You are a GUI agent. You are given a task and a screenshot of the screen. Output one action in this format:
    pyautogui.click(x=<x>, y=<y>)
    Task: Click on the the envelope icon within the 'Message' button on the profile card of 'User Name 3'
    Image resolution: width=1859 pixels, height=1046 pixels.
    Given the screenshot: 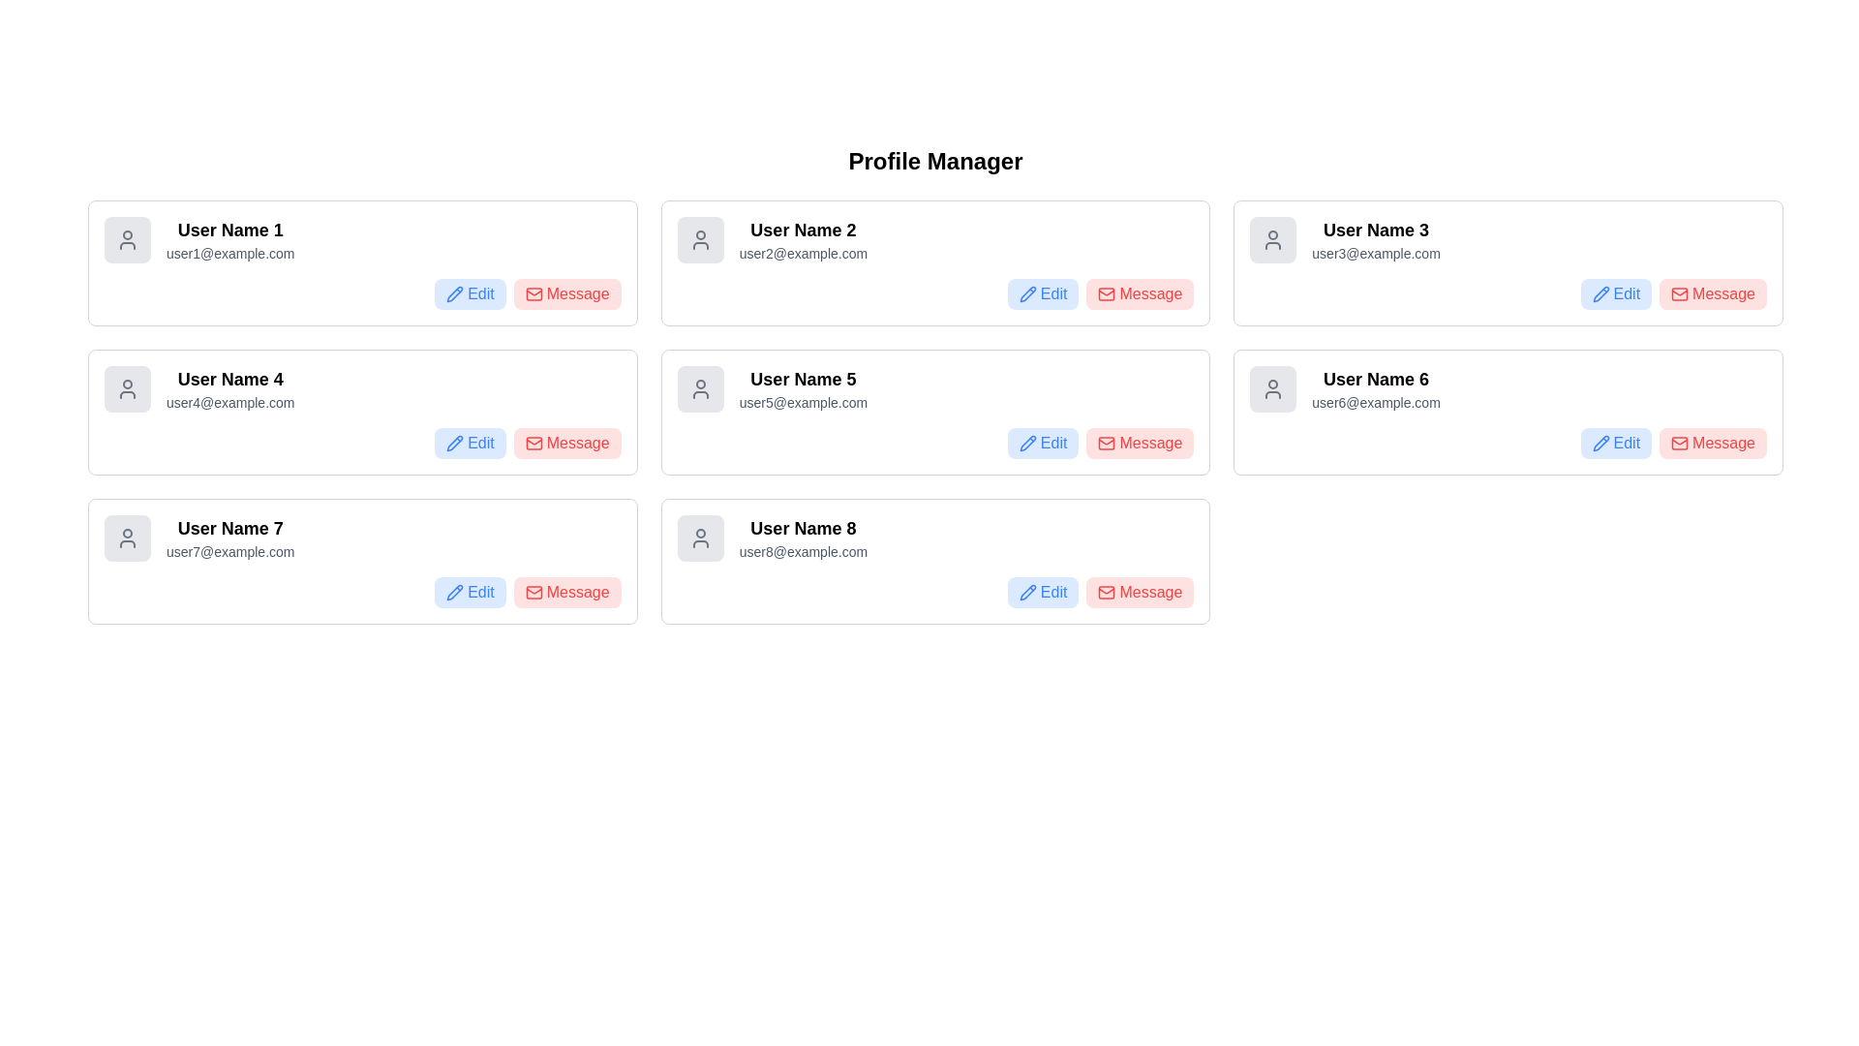 What is the action you would take?
    pyautogui.click(x=1679, y=294)
    